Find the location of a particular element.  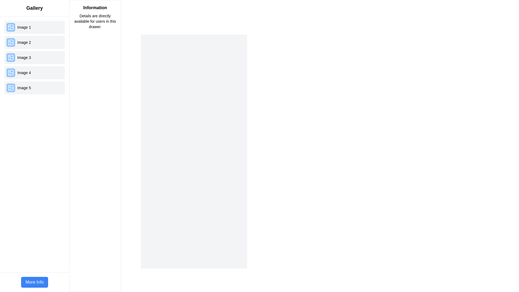

the icon located in the 'Gallery' list, specifically inside the row labeled 'Image 4' is located at coordinates (11, 72).